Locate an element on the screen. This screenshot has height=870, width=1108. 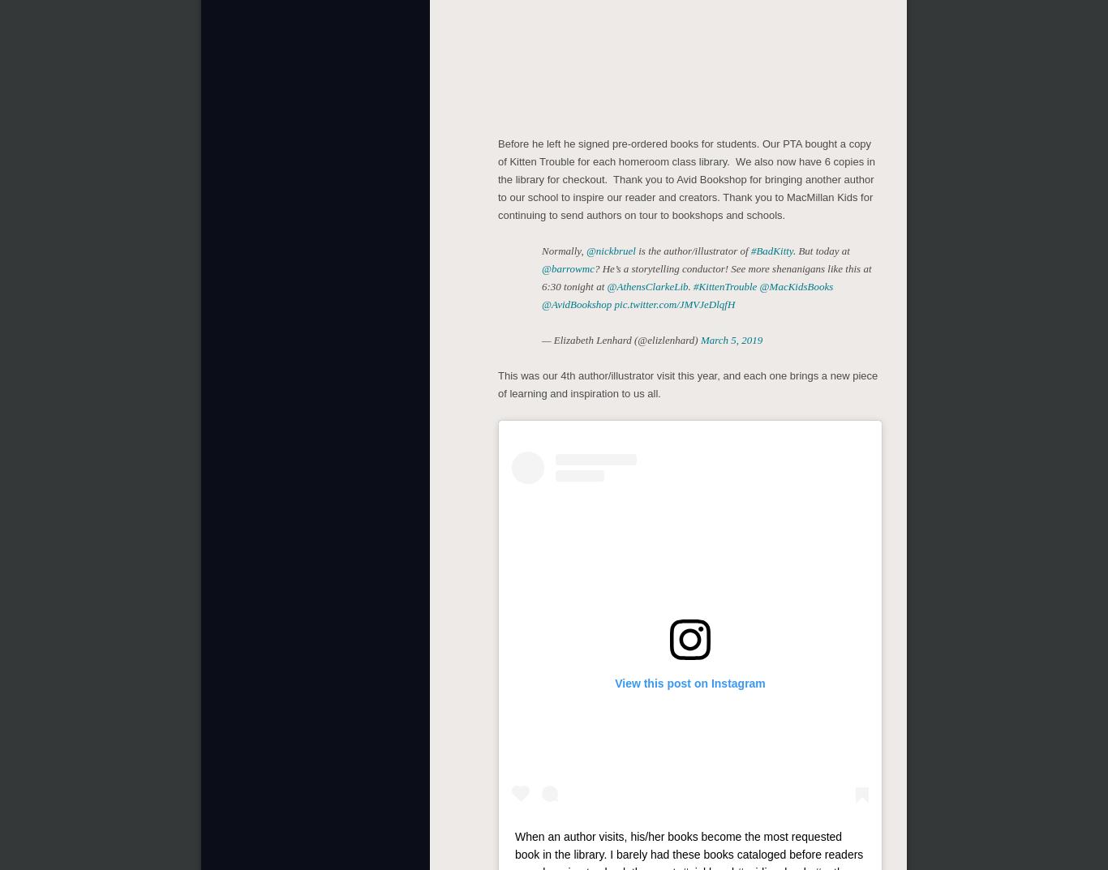
'⁩.' is located at coordinates (687, 286).